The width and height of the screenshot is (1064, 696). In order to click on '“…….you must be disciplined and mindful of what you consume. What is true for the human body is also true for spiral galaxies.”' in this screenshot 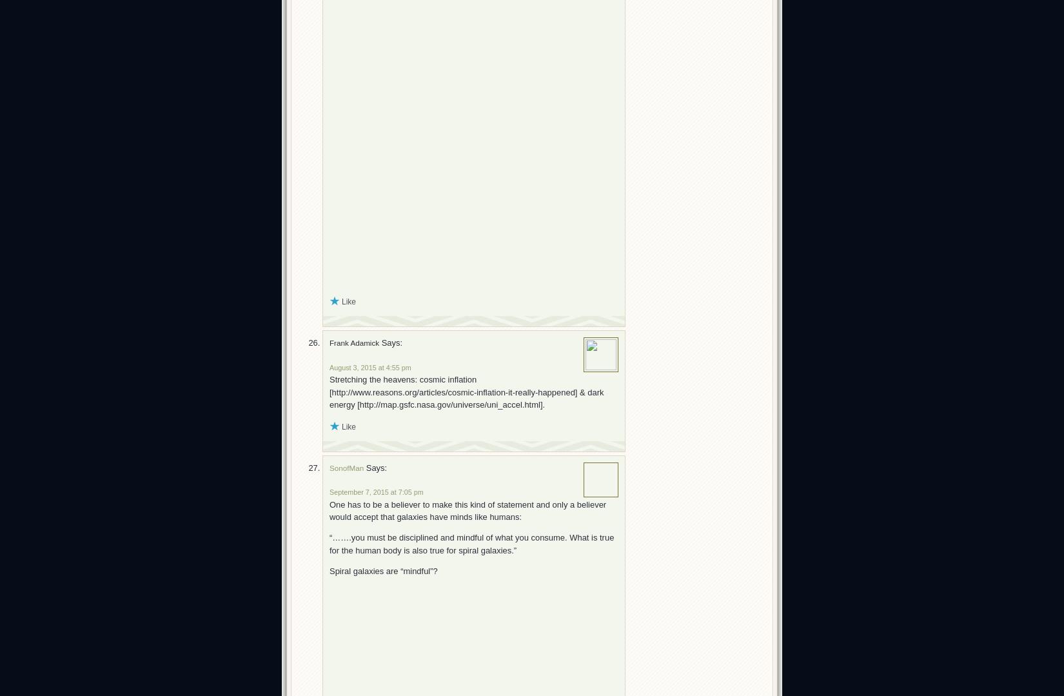, I will do `click(471, 544)`.